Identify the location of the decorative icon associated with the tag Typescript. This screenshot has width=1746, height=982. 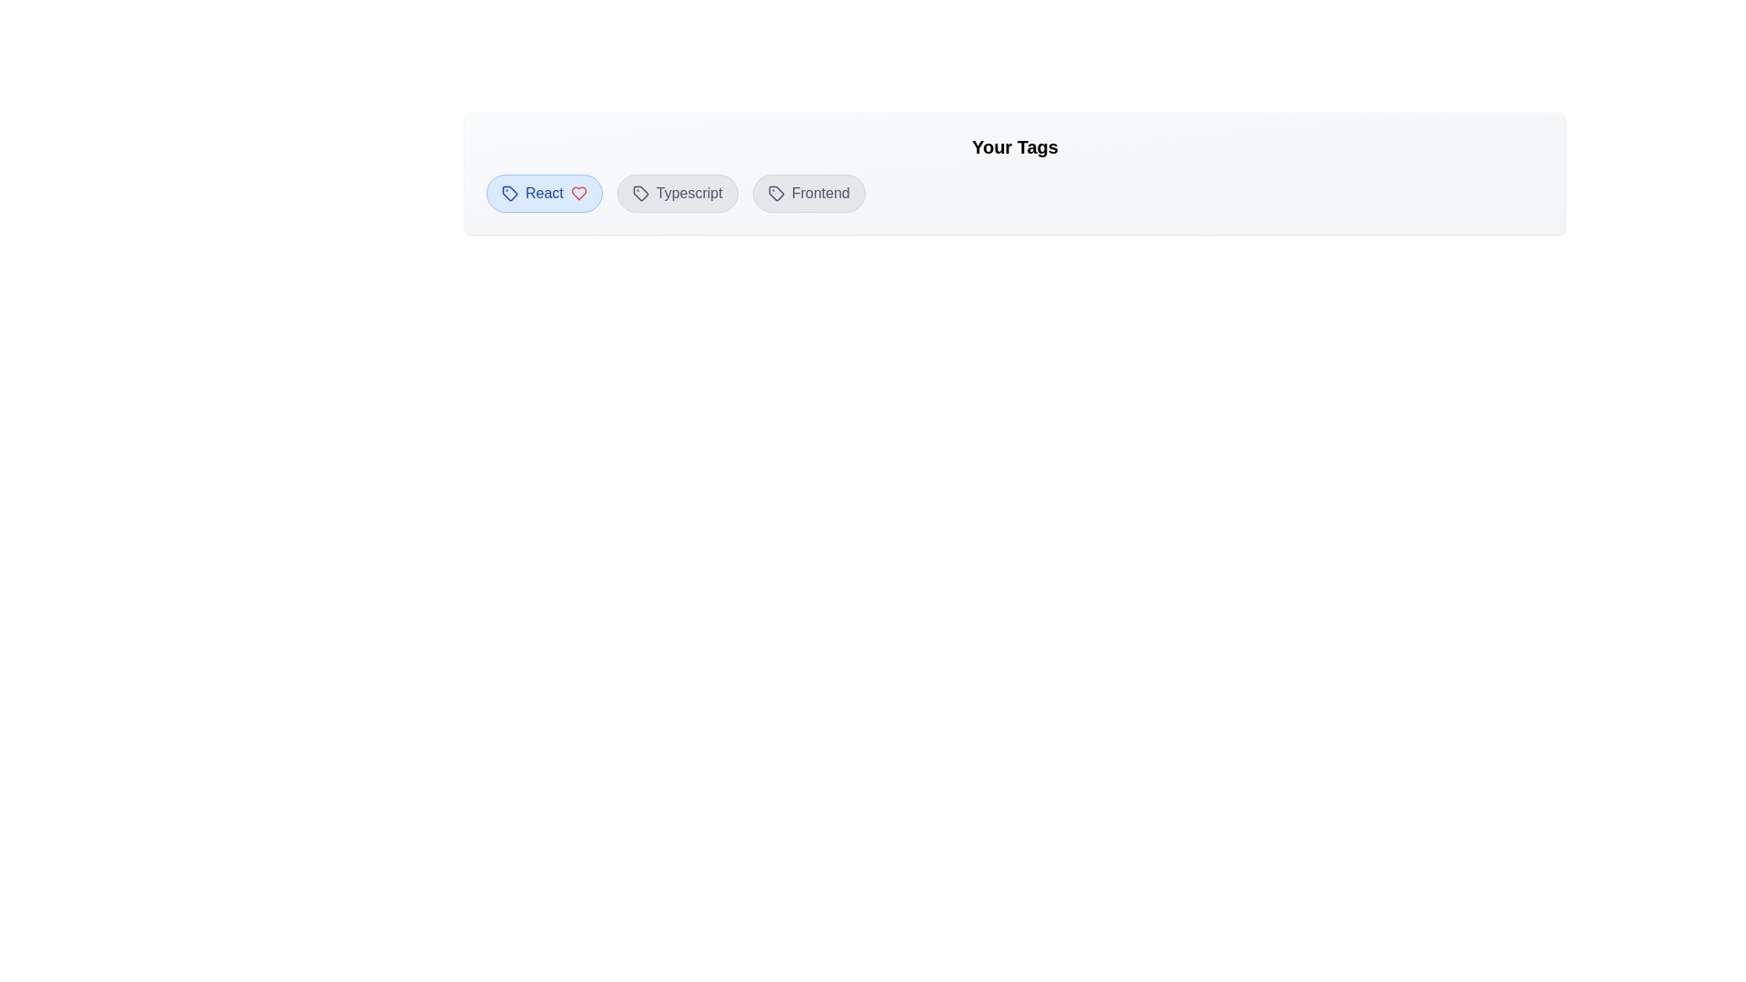
(640, 193).